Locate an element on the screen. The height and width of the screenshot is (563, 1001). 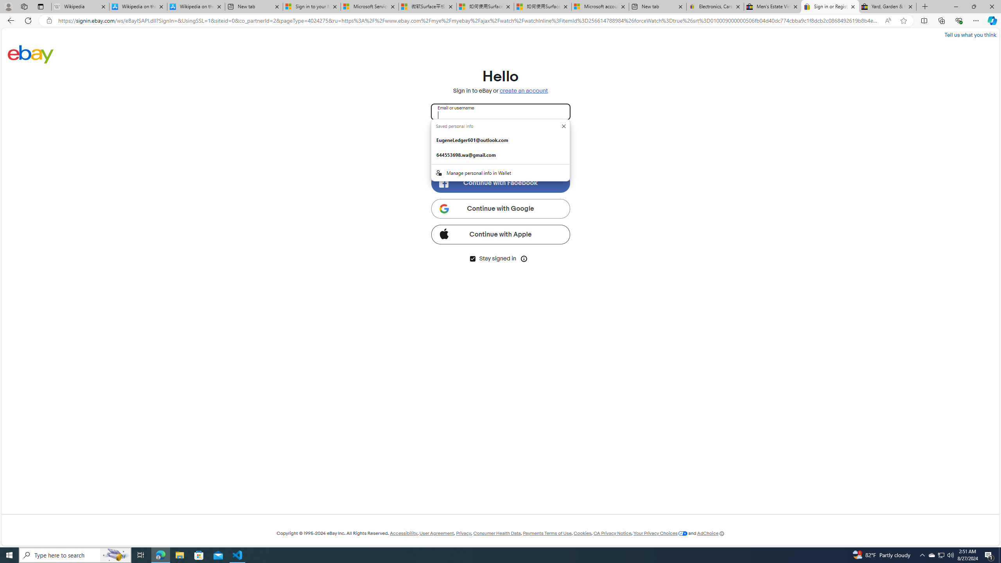
'Sign in to your Microsoft account' is located at coordinates (311, 6).